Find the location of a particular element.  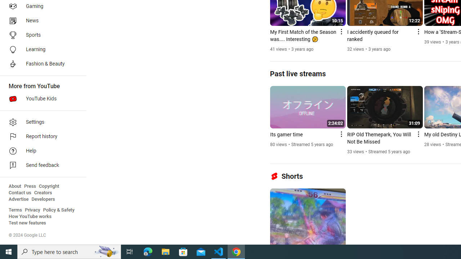

'Press' is located at coordinates (30, 186).